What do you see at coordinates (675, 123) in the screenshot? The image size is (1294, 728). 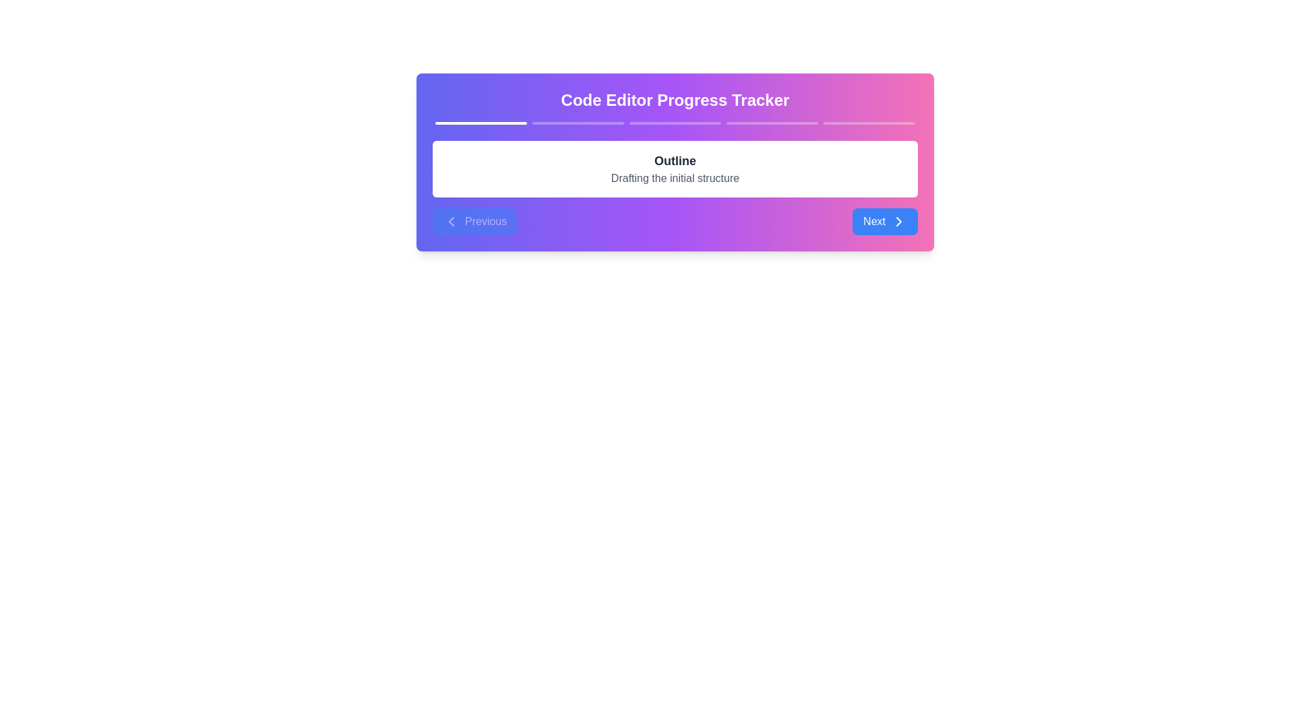 I see `the progress bar located just below the title 'Code Editor Progress Tracker', which serves as a visual representation of progress in a task tracker` at bounding box center [675, 123].